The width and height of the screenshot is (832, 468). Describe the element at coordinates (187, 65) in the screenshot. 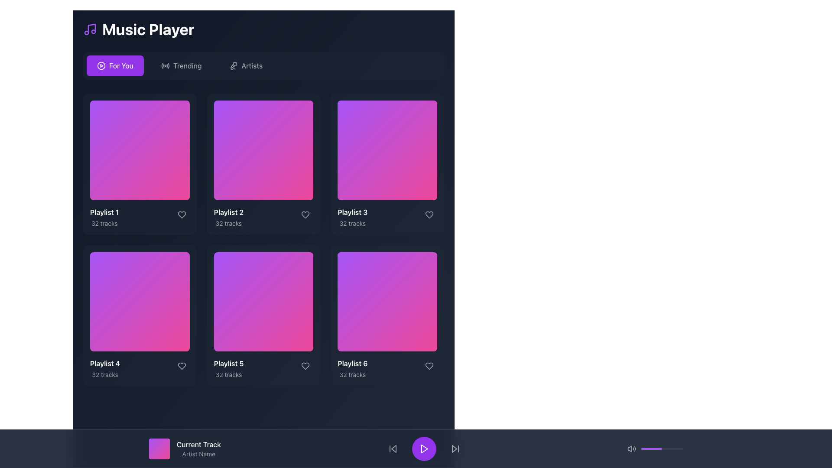

I see `the 'Trending' text label in the horizontal navigation bar` at that location.